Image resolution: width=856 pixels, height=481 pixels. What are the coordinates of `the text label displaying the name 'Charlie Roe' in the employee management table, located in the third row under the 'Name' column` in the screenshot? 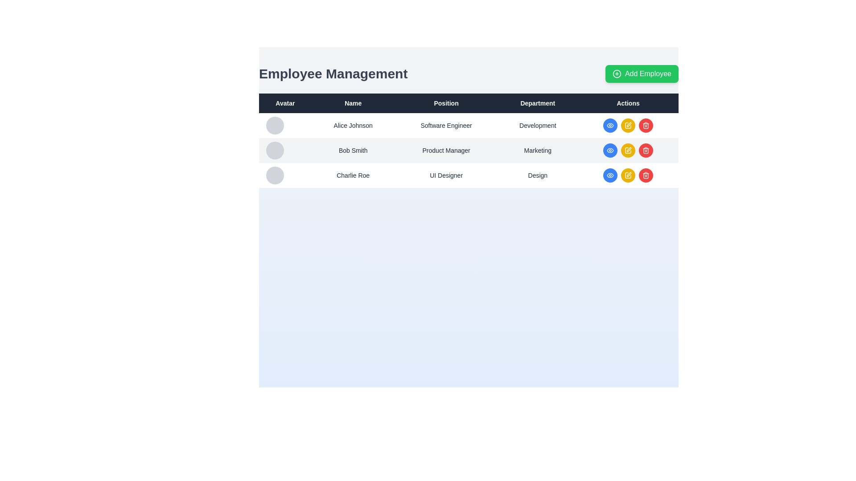 It's located at (353, 175).